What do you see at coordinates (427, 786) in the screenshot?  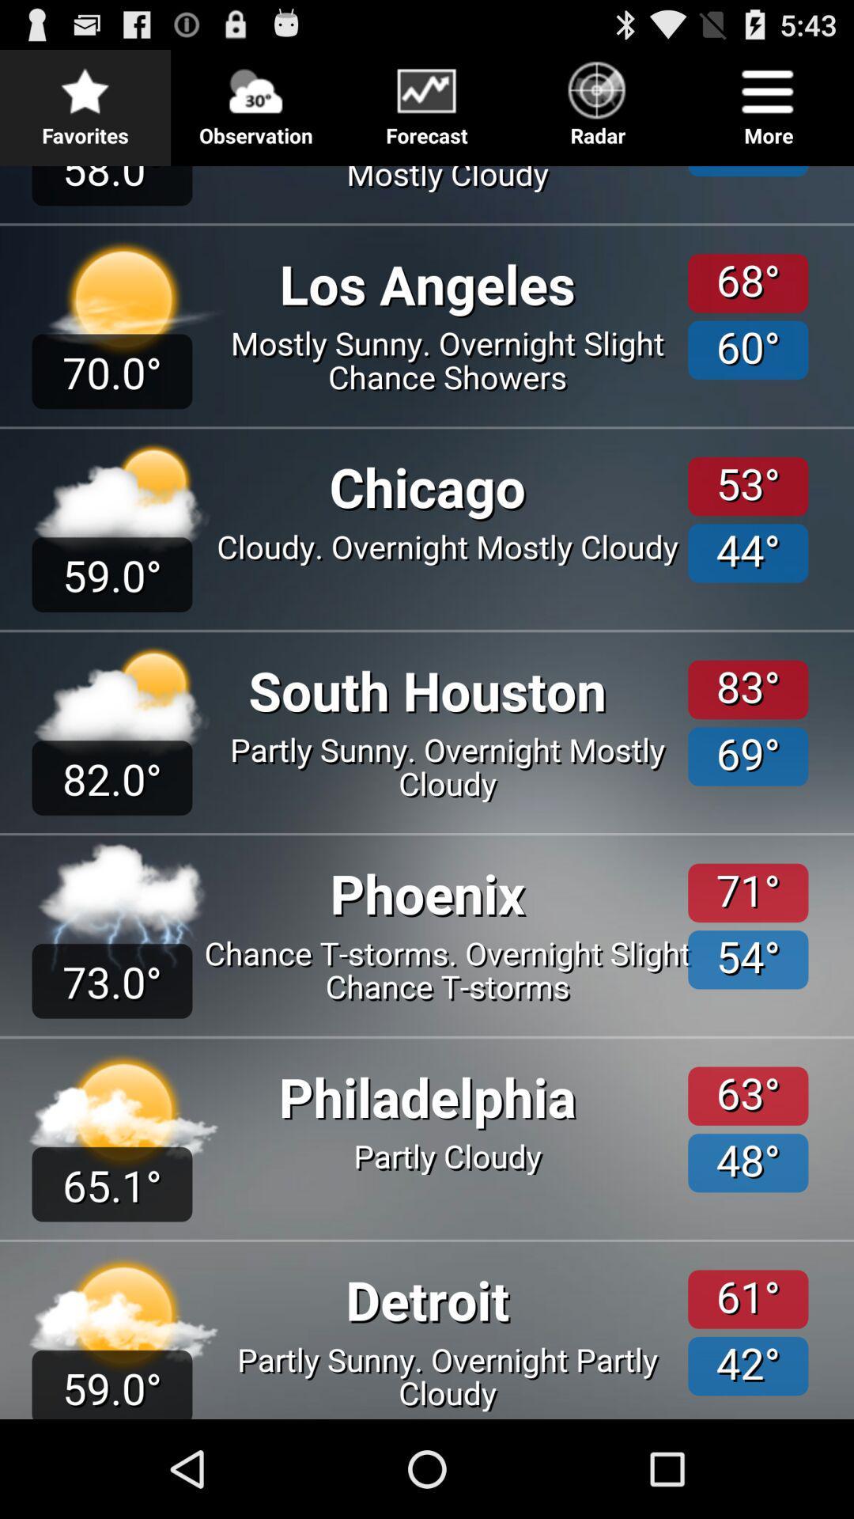 I see `weather option` at bounding box center [427, 786].